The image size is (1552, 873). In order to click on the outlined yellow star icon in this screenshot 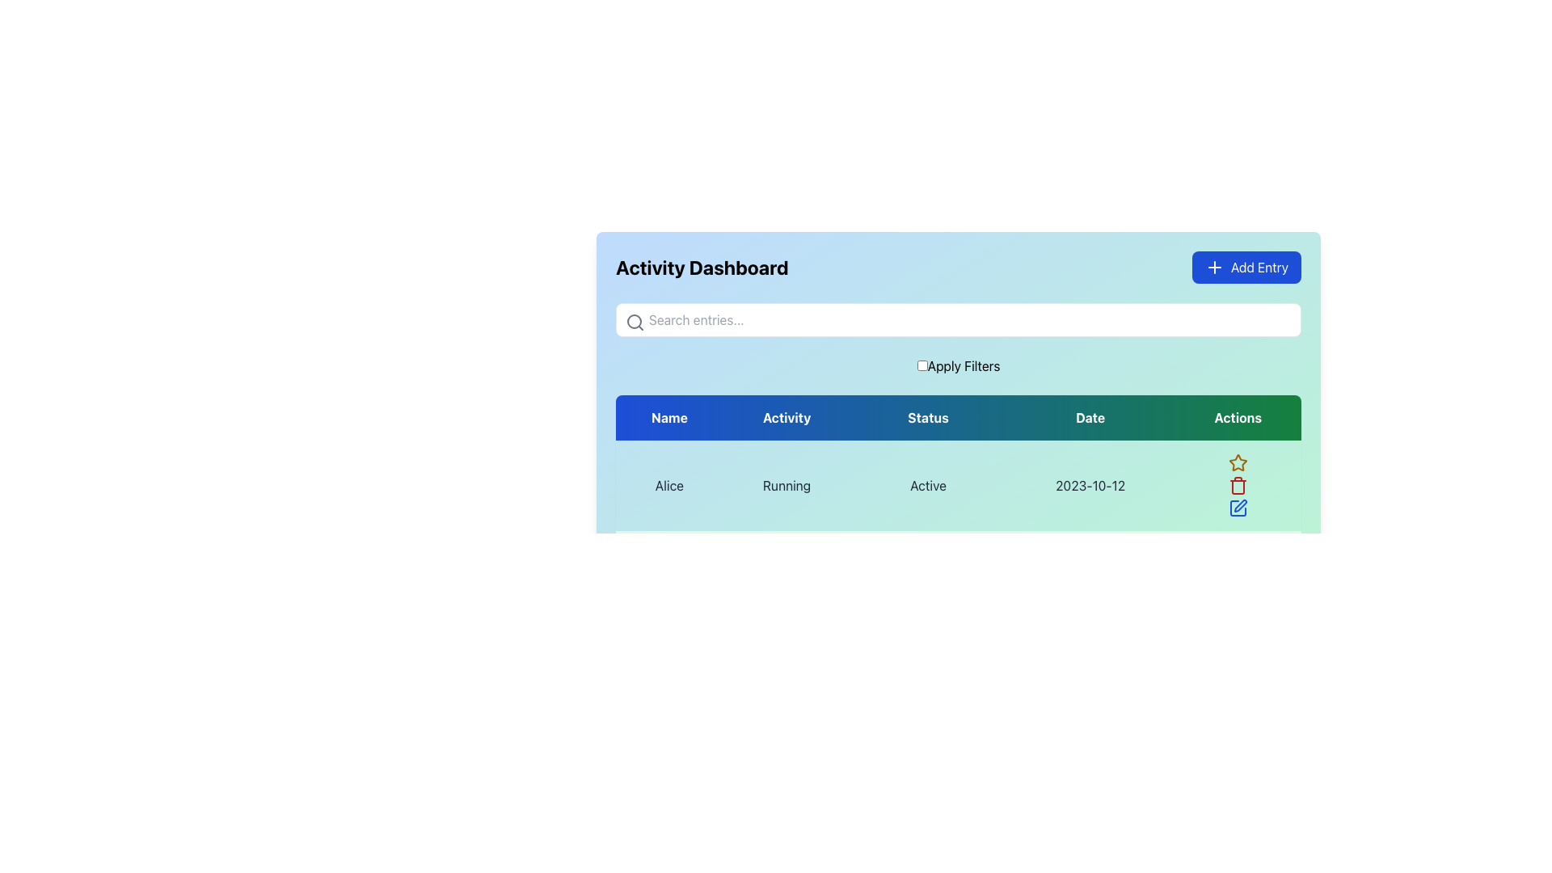, I will do `click(1237, 463)`.